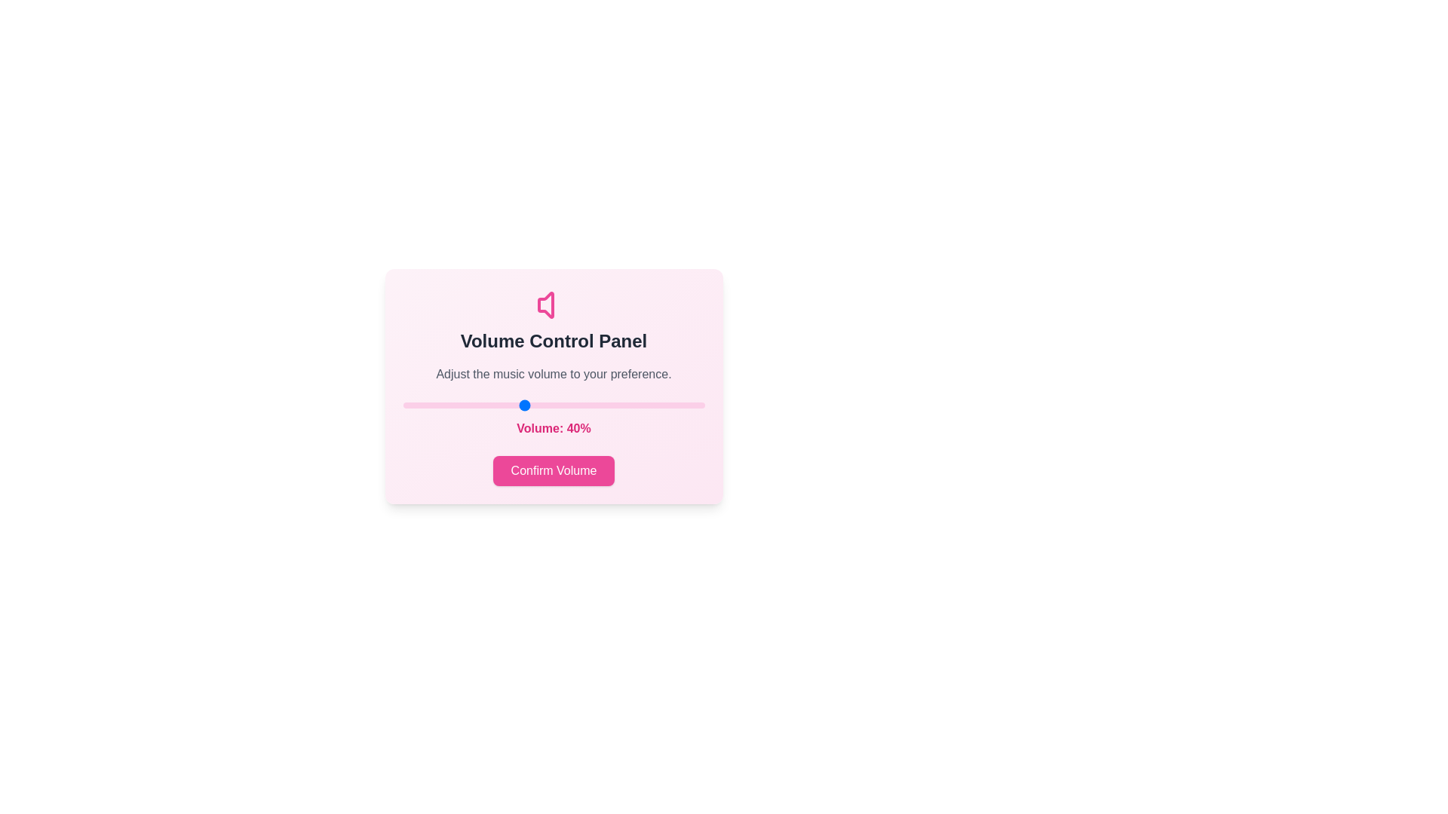 This screenshot has height=814, width=1448. What do you see at coordinates (438, 404) in the screenshot?
I see `the volume to 12 percent by dragging the slider` at bounding box center [438, 404].